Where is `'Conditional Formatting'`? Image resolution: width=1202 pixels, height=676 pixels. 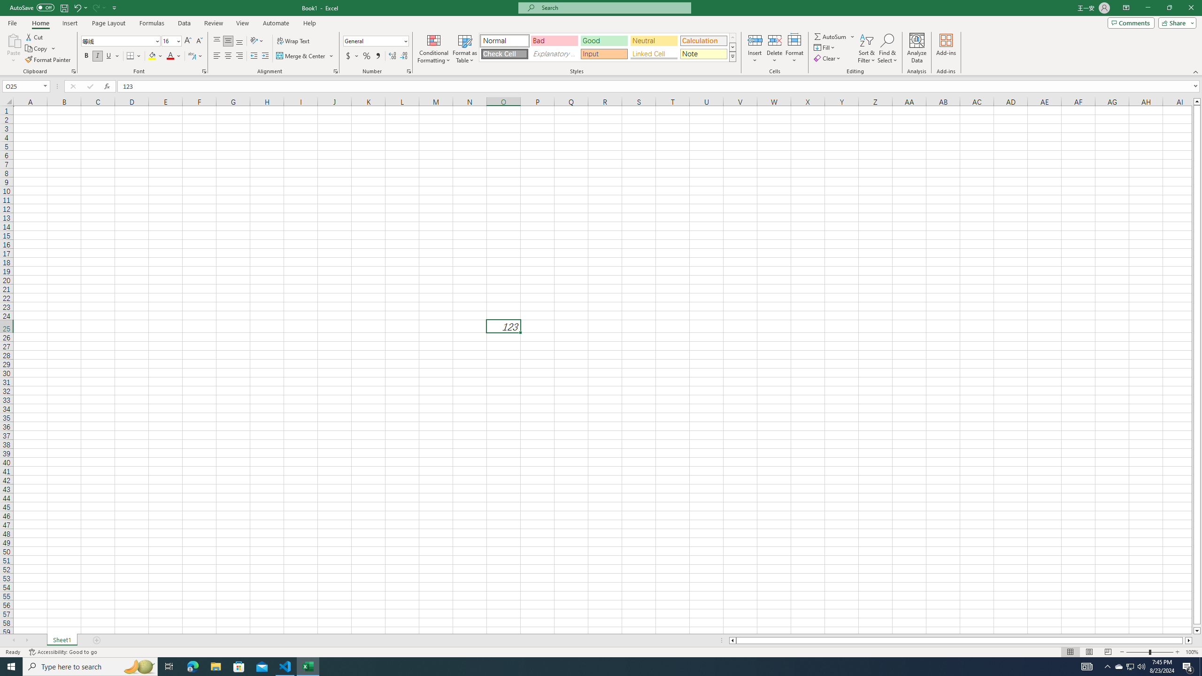 'Conditional Formatting' is located at coordinates (434, 48).